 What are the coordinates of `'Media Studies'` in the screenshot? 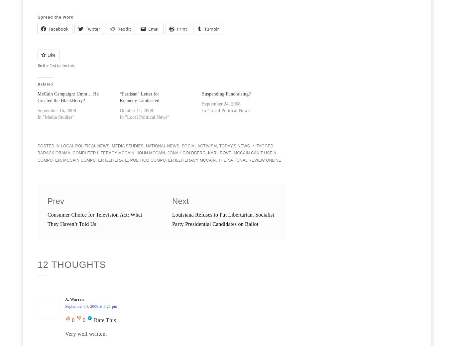 It's located at (112, 146).